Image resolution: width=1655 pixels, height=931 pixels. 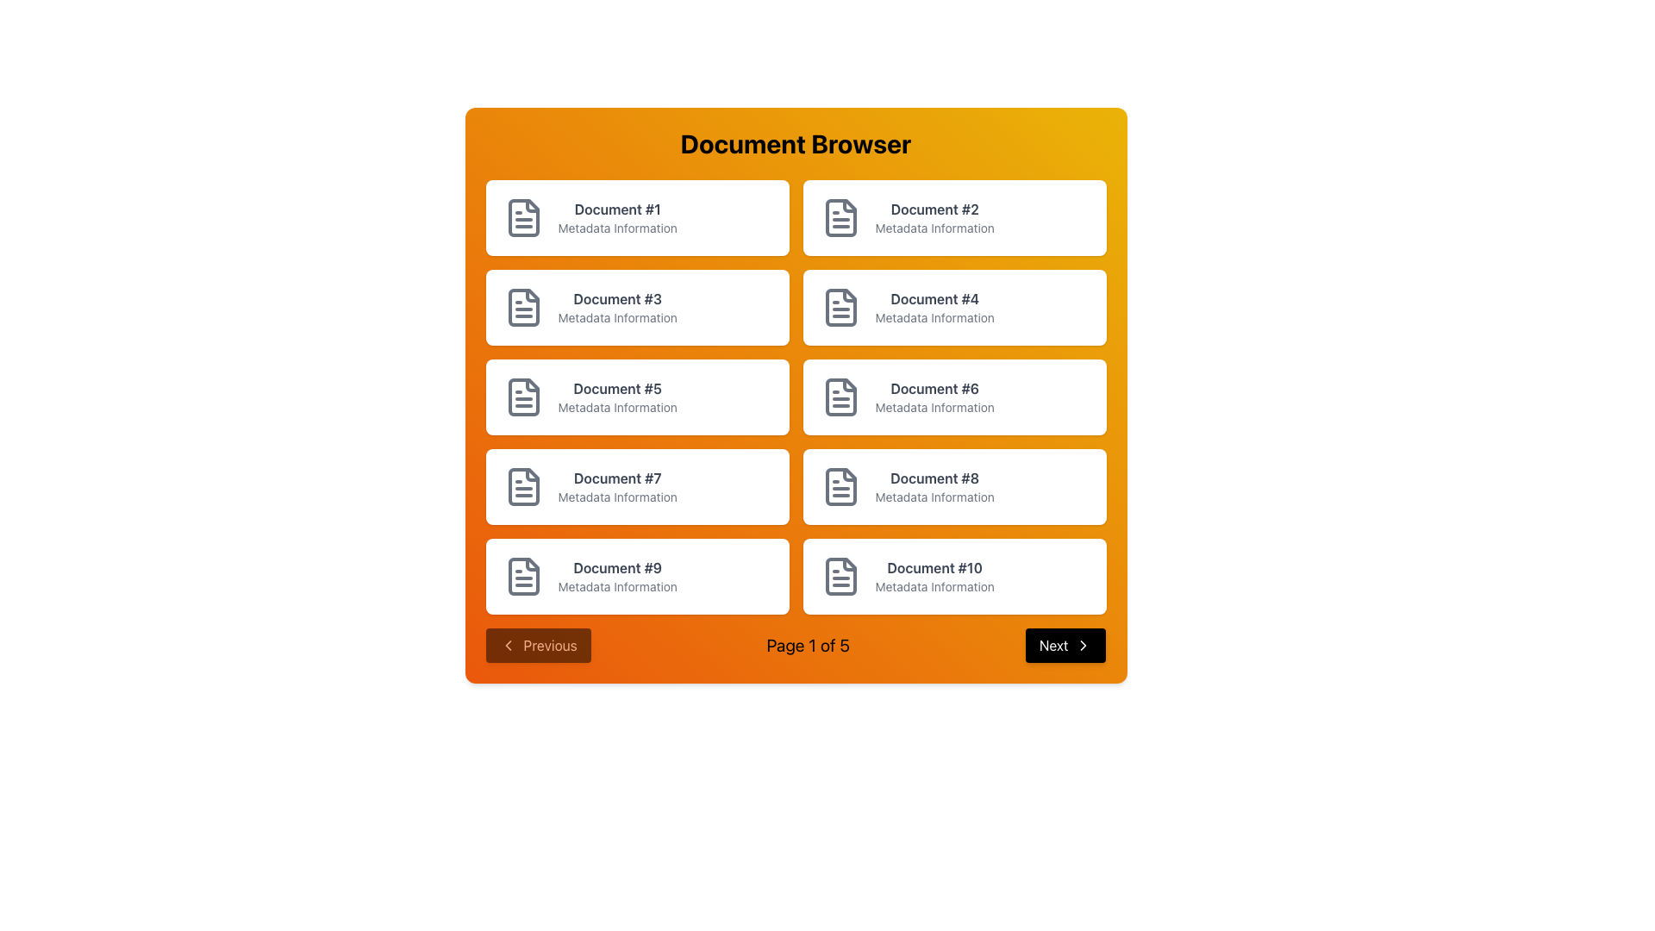 I want to click on the informational display header for 'Document #2', located in the top row of the grid layout, second column from the left, so click(x=934, y=217).